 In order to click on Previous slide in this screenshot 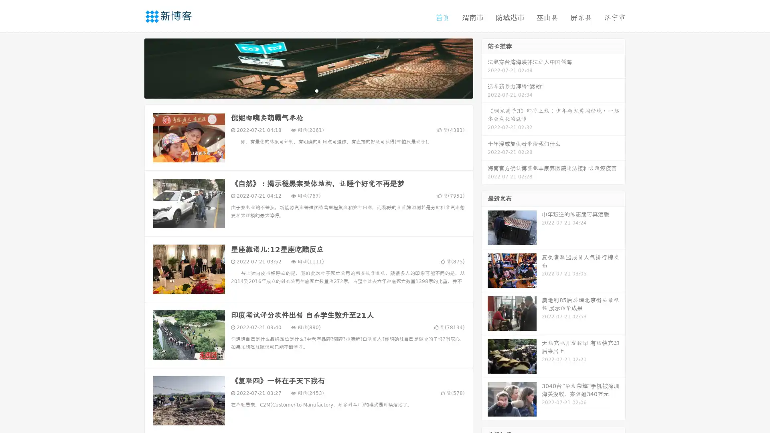, I will do `click(132, 67)`.